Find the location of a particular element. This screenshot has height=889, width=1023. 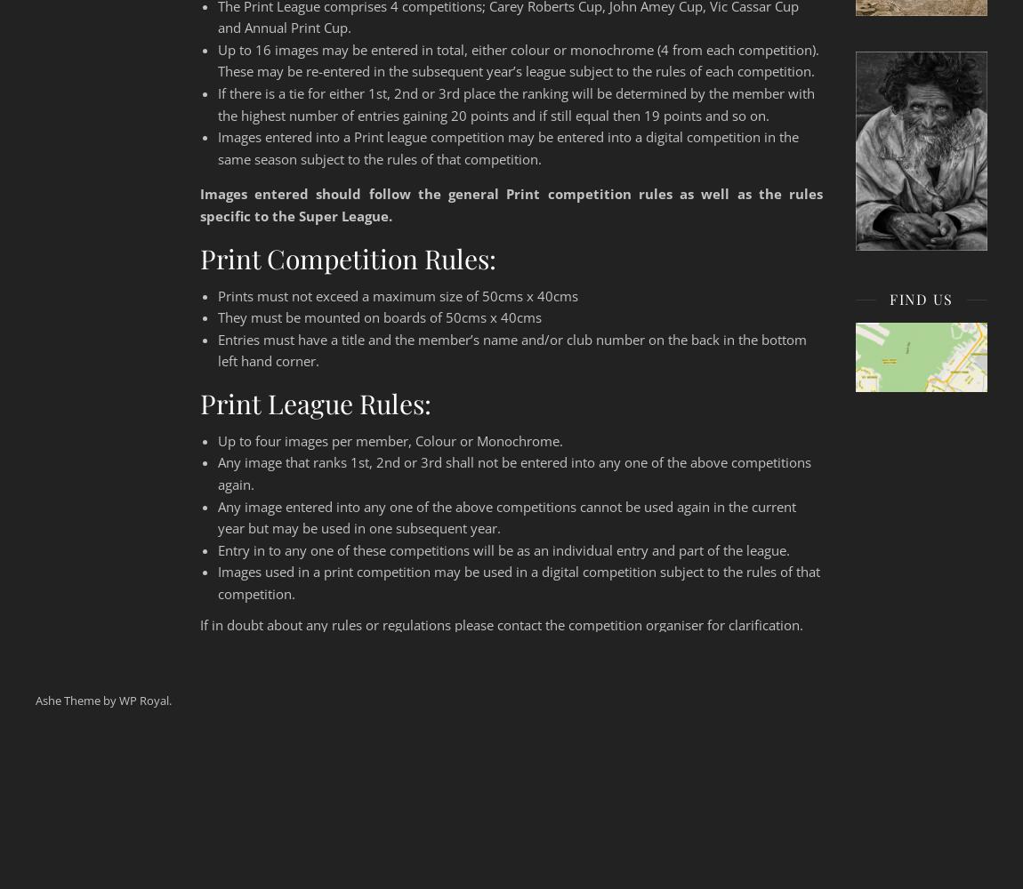

'Print Competition Rules:' is located at coordinates (348, 258).